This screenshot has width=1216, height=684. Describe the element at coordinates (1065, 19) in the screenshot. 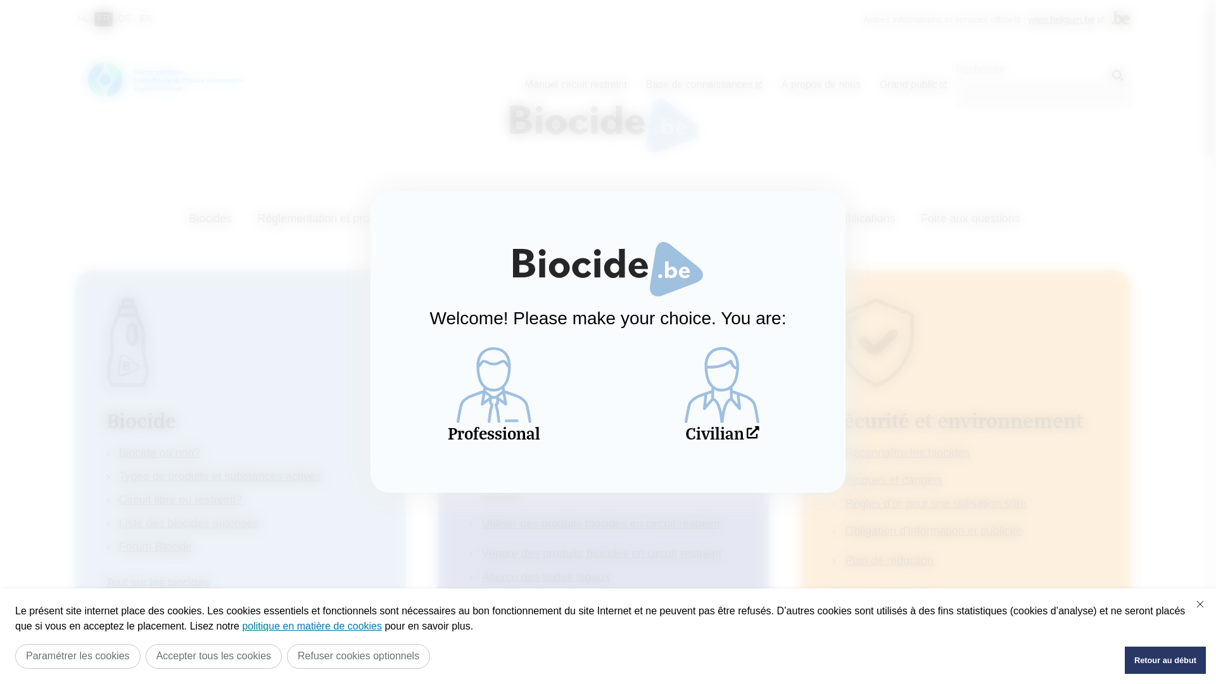

I see `'www.belgium.be'` at that location.